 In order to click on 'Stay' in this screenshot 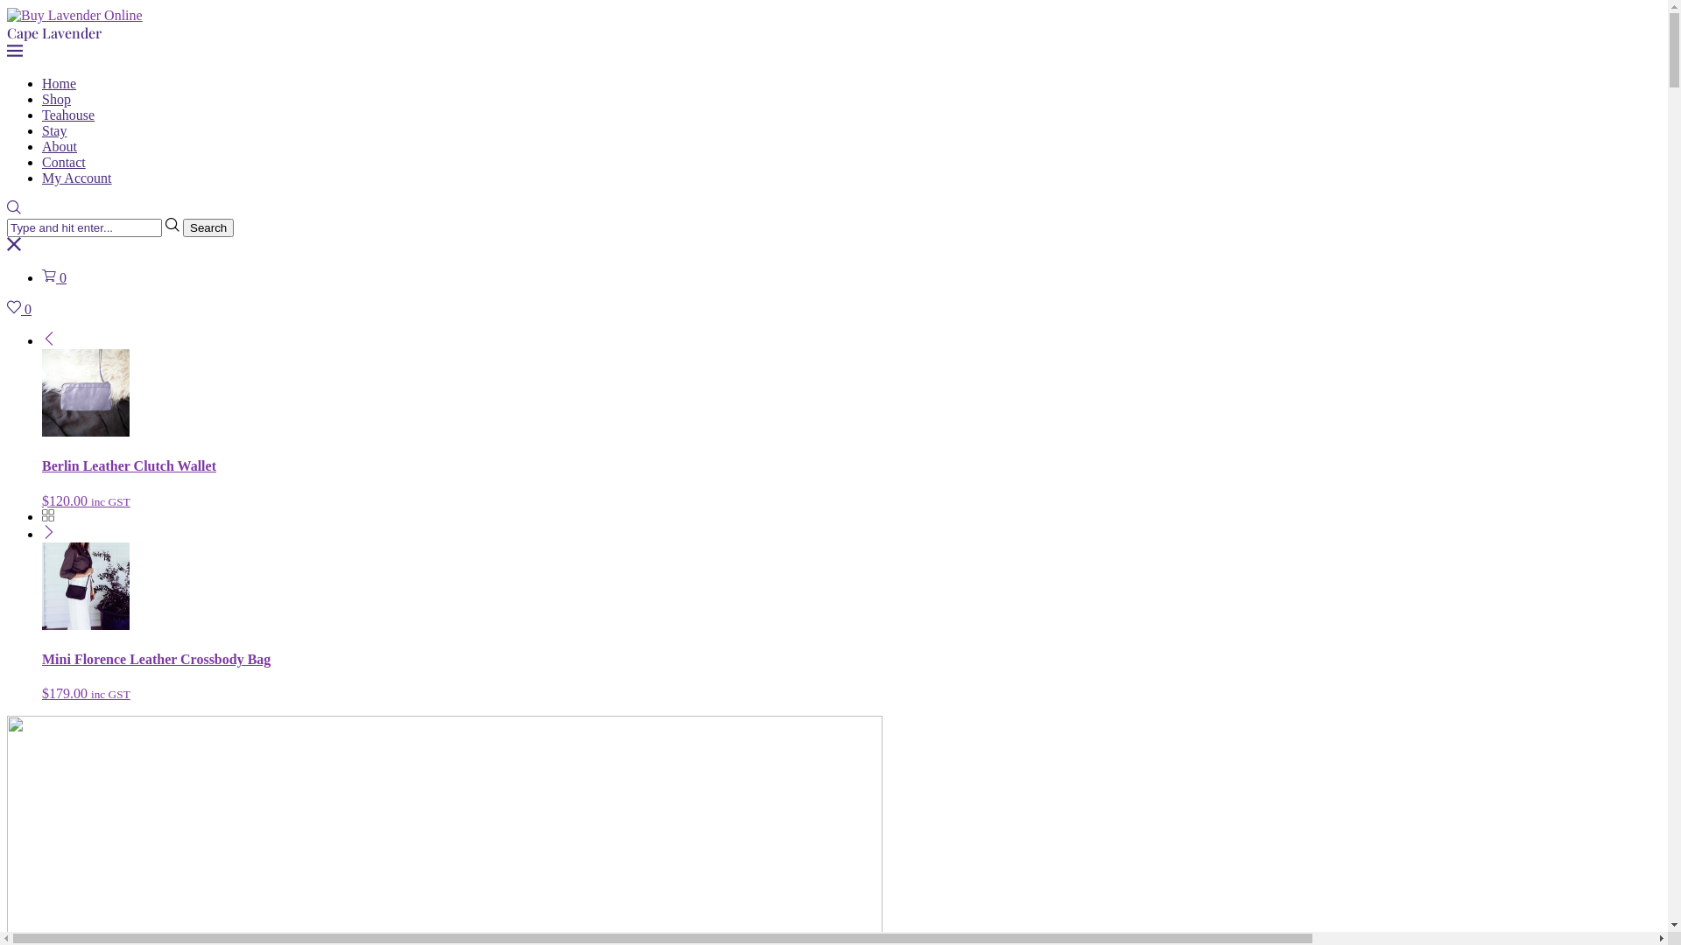, I will do `click(54, 129)`.